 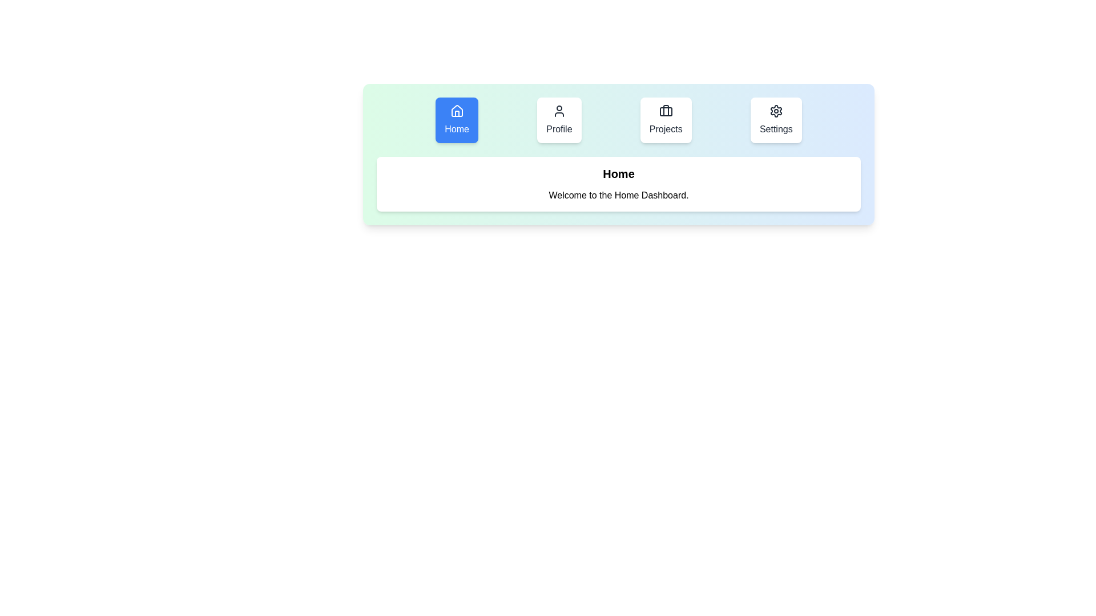 What do you see at coordinates (457, 120) in the screenshot?
I see `the Home tab by clicking on it` at bounding box center [457, 120].